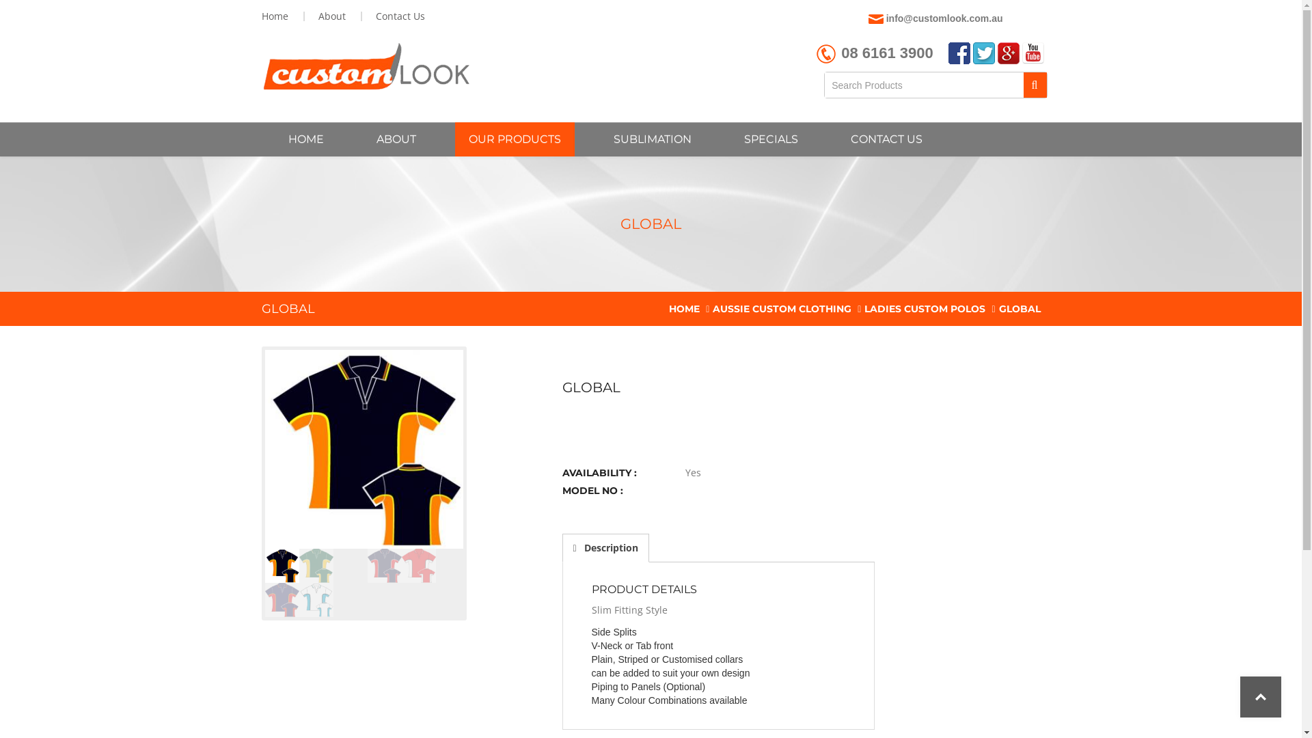  What do you see at coordinates (886, 139) in the screenshot?
I see `'CONTACT US'` at bounding box center [886, 139].